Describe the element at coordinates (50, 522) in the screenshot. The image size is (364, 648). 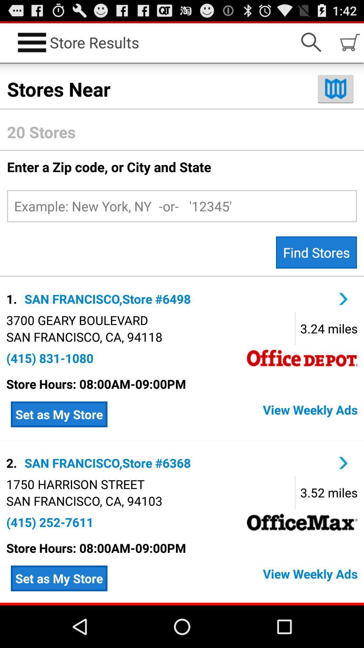
I see `the app above store hours 08 icon` at that location.